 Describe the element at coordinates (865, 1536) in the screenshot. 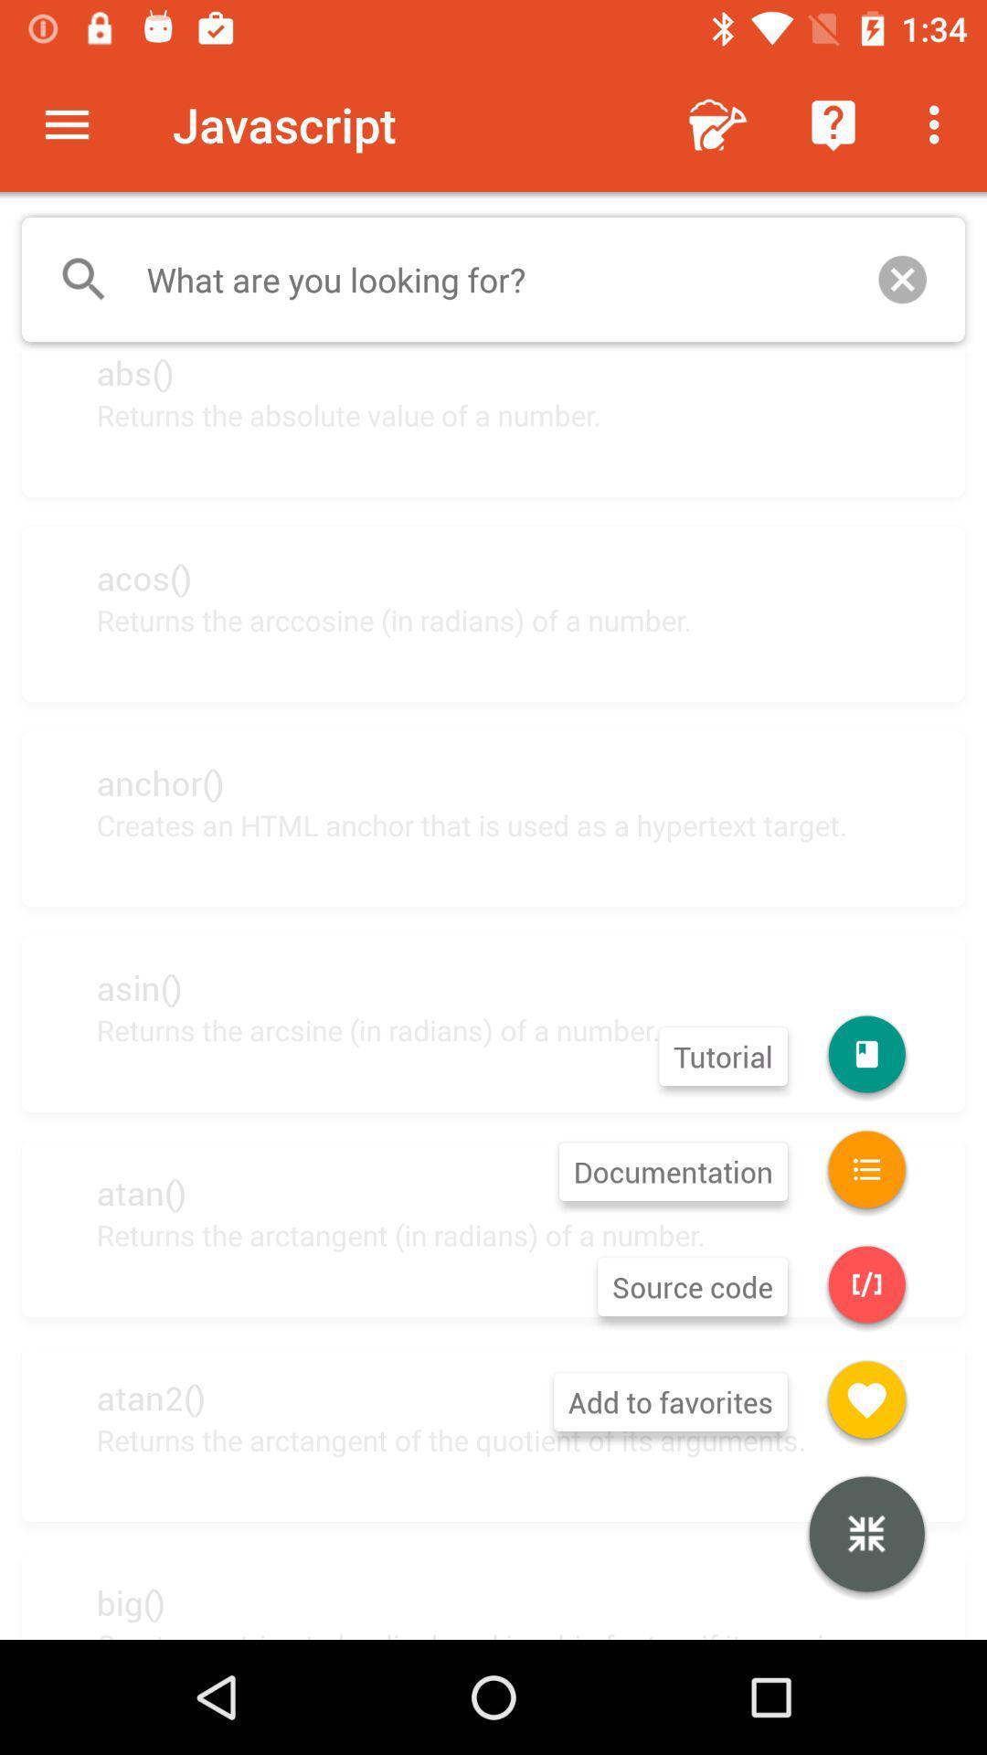

I see `the item next to returns the arctangent item` at that location.